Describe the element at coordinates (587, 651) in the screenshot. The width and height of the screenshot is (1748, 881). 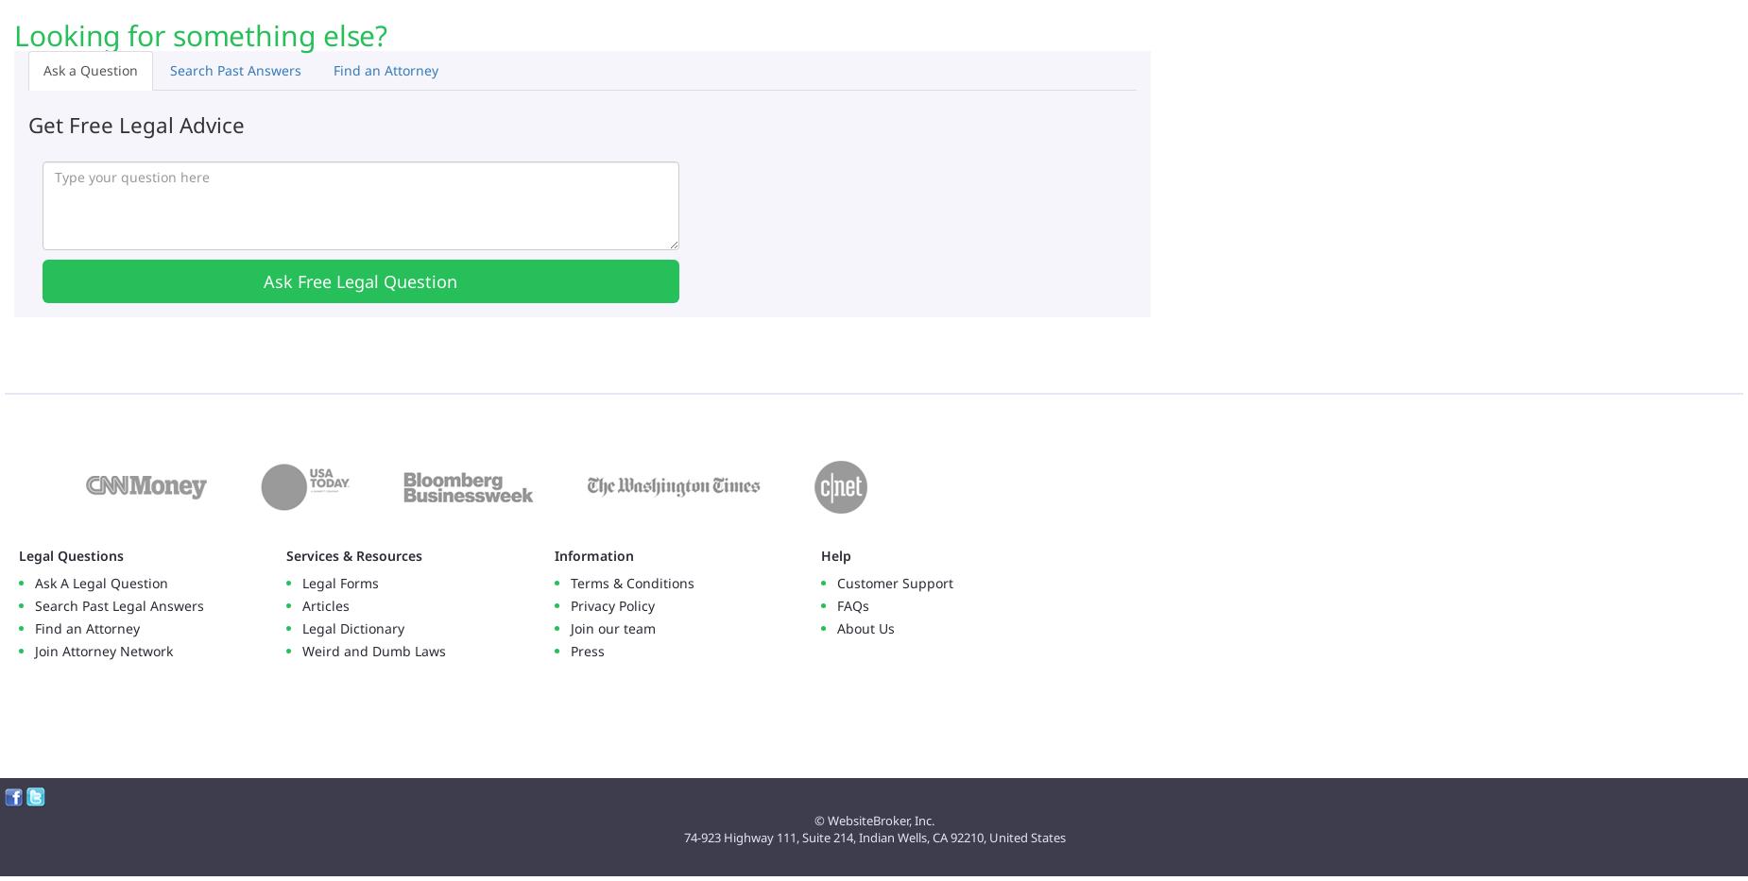
I see `'Press'` at that location.